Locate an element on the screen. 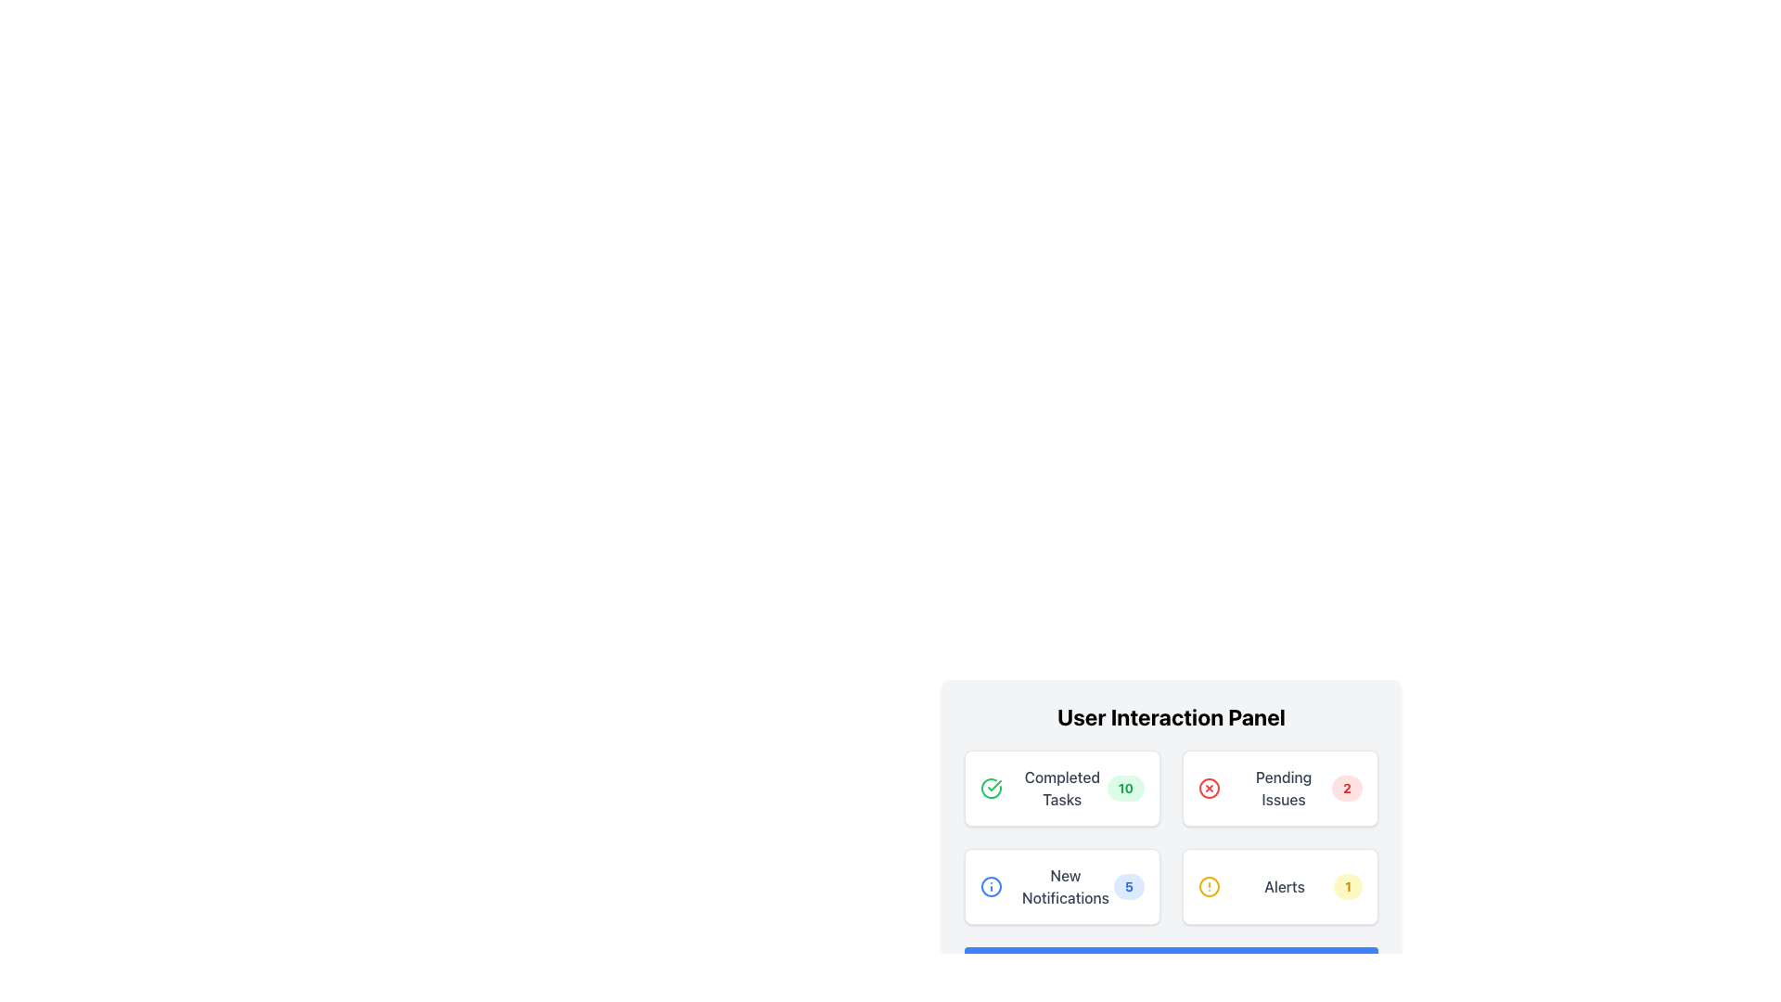 This screenshot has width=1781, height=1002. the 'New Notifications' icon located in the lower-left quadrant of the User Interaction Panel is located at coordinates (991, 886).